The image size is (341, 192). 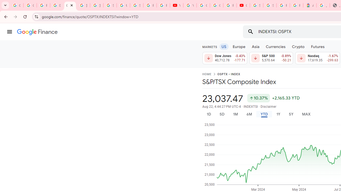 What do you see at coordinates (291, 114) in the screenshot?
I see `'5Y'` at bounding box center [291, 114].